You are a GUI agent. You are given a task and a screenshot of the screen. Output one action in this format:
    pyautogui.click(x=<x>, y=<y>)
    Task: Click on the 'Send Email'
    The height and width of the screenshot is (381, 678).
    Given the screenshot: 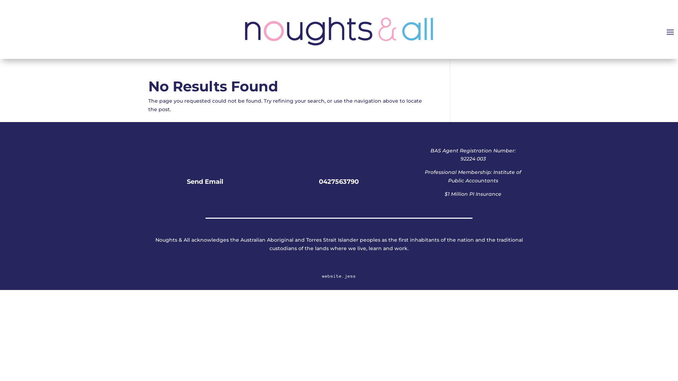 What is the action you would take?
    pyautogui.click(x=204, y=181)
    